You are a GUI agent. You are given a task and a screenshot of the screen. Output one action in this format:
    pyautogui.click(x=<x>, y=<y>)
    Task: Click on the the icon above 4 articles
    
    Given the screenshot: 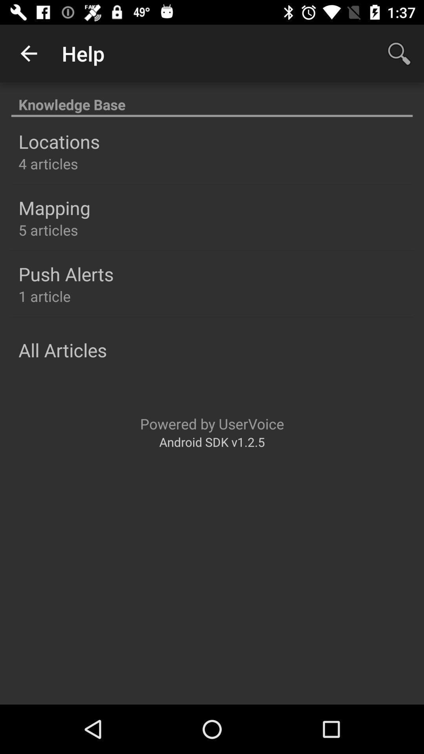 What is the action you would take?
    pyautogui.click(x=58, y=141)
    